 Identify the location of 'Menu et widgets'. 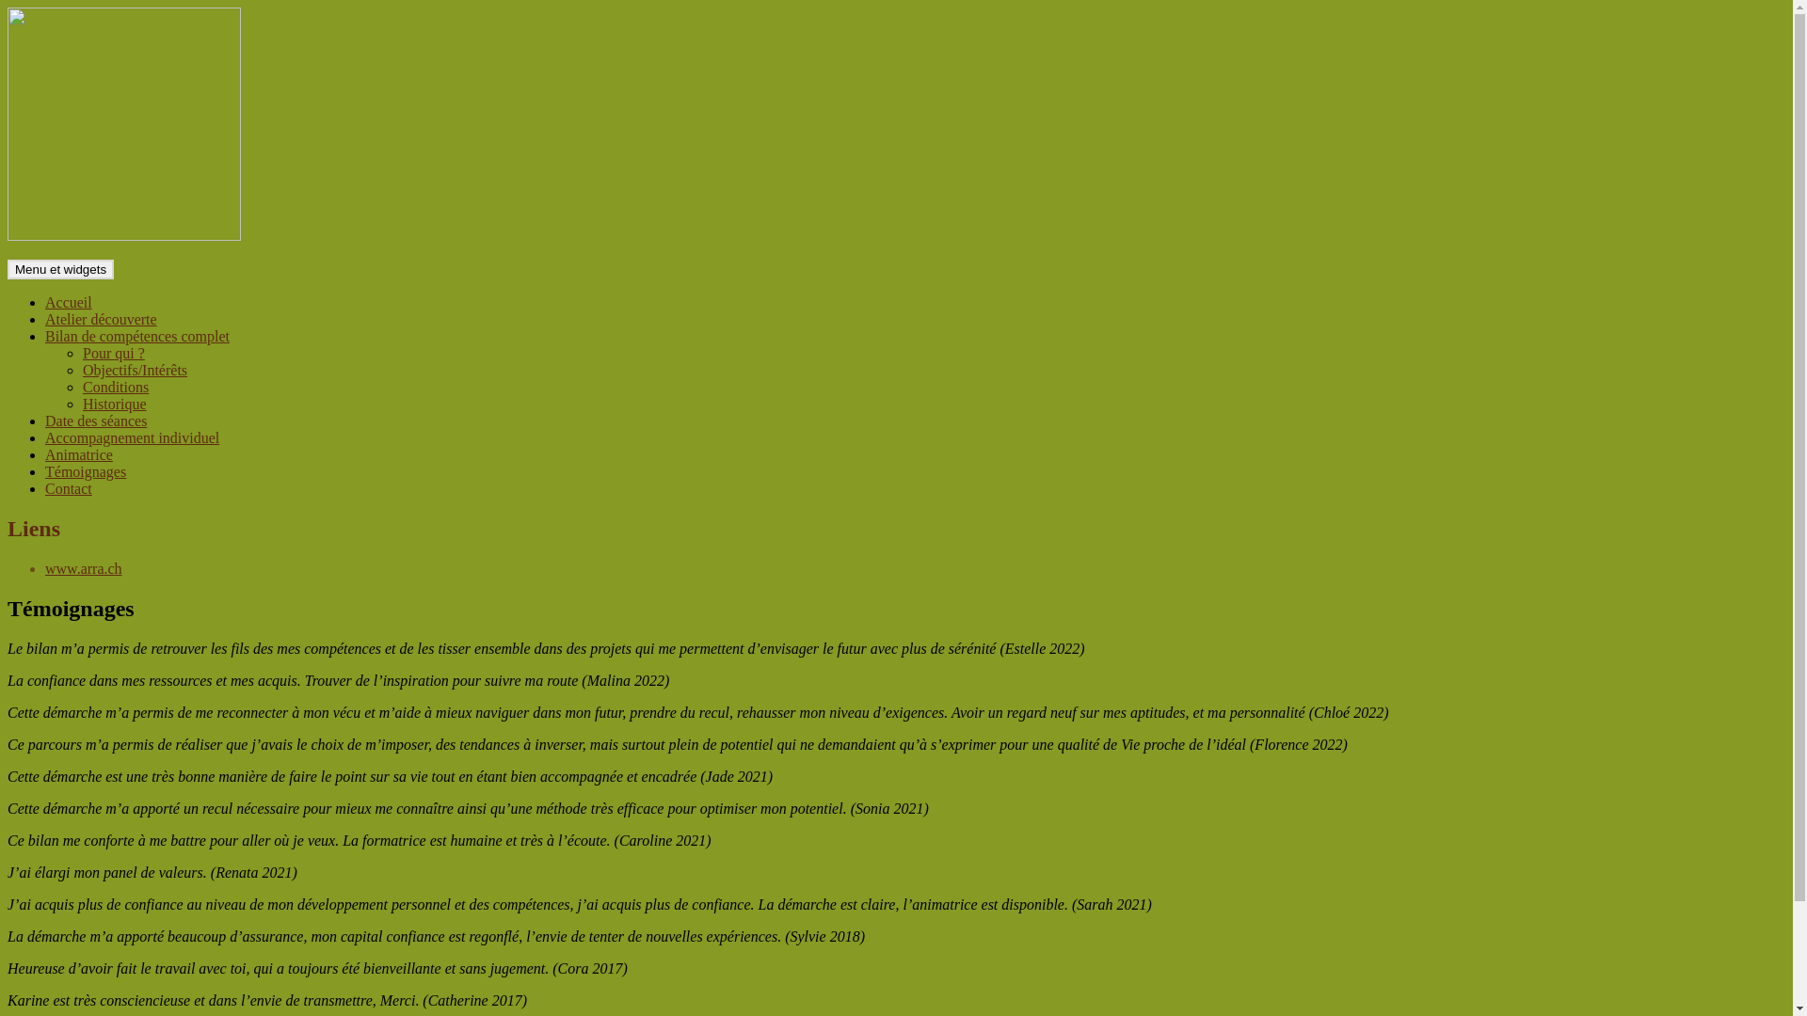
(60, 269).